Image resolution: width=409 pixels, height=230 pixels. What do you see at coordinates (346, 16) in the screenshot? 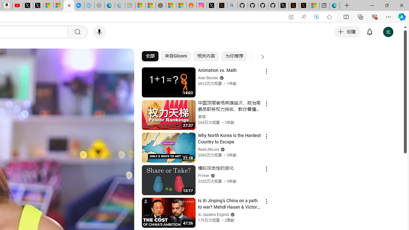
I see `'Split screen'` at bounding box center [346, 16].